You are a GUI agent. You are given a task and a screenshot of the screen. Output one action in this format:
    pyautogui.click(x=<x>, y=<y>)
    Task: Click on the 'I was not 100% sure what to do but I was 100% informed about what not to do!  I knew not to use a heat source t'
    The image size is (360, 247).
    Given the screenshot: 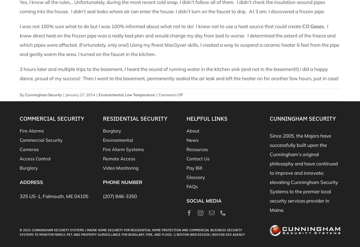 What is the action you would take?
    pyautogui.click(x=143, y=26)
    